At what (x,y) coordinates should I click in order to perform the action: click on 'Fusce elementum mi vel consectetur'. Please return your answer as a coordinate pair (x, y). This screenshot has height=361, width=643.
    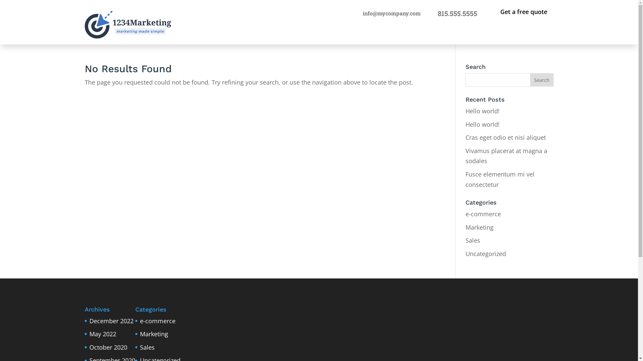
    Looking at the image, I should click on (500, 179).